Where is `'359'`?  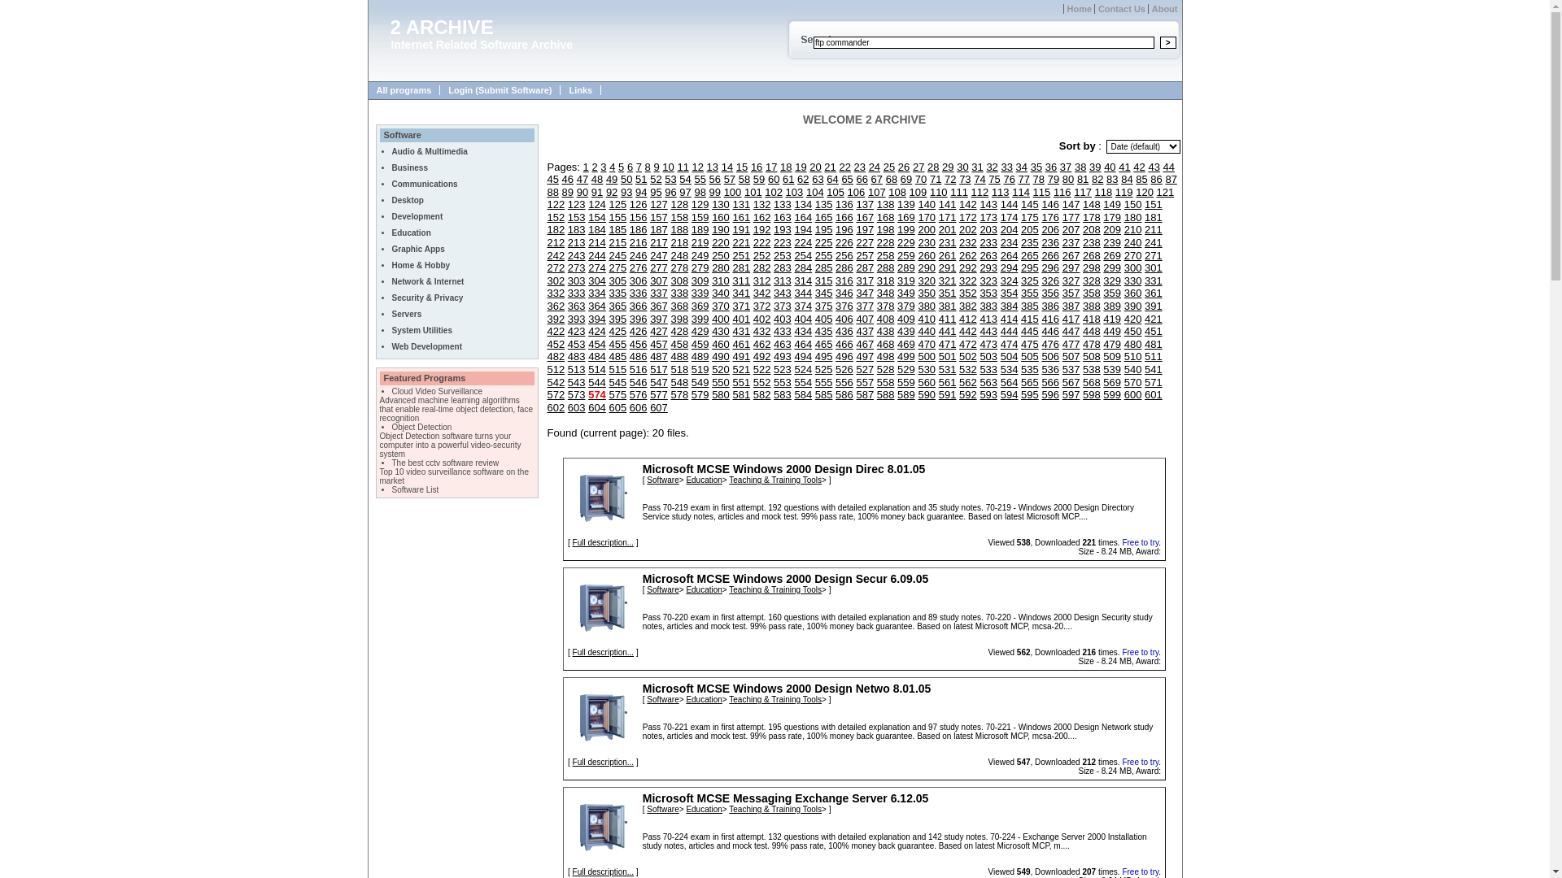 '359' is located at coordinates (1111, 293).